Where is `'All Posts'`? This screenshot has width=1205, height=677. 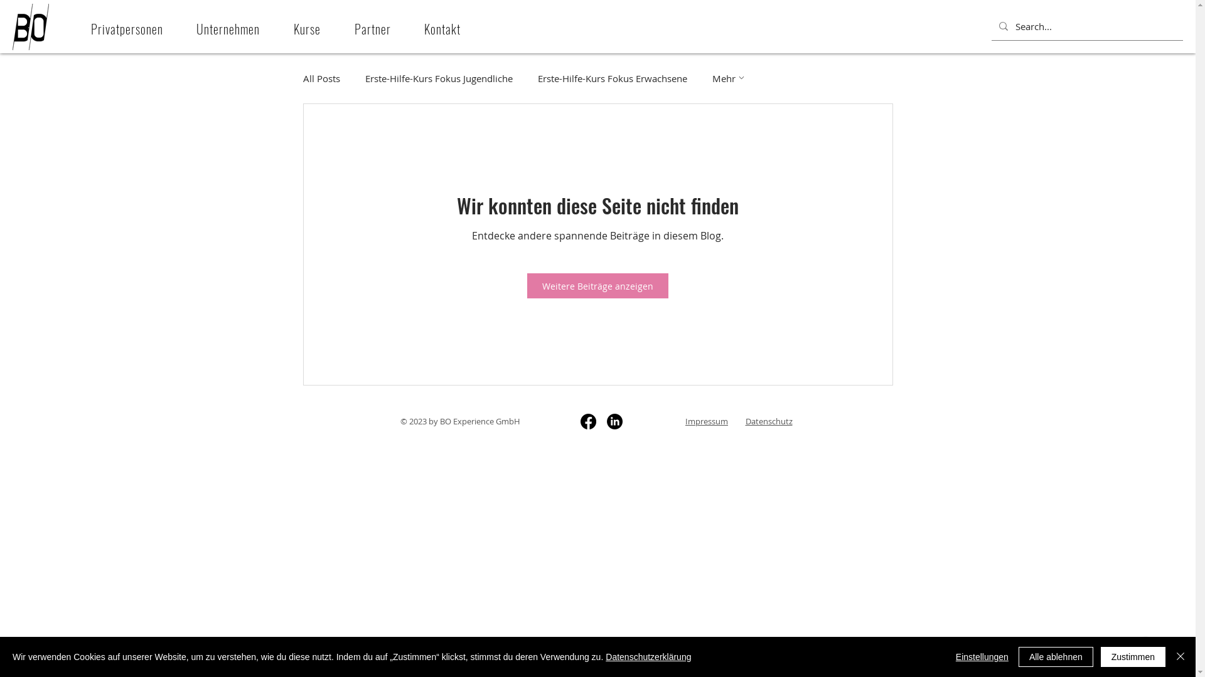 'All Posts' is located at coordinates (302, 78).